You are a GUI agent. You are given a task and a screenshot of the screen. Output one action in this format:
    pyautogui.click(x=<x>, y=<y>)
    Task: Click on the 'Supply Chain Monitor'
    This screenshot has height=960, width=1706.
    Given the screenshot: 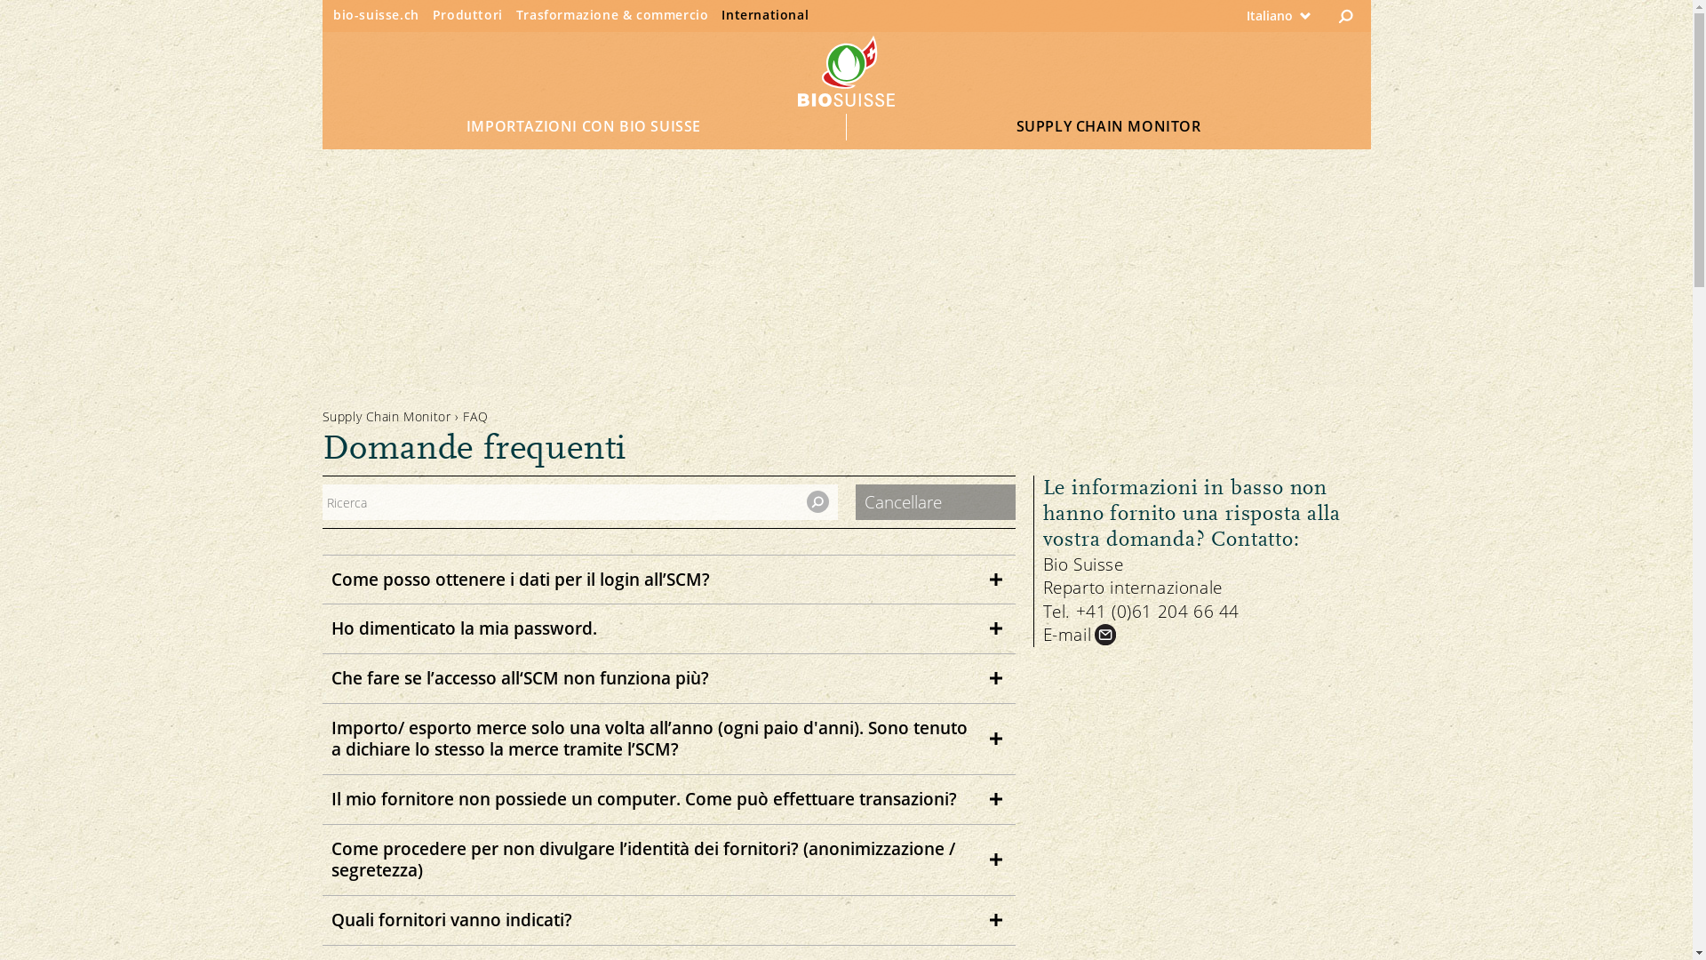 What is the action you would take?
    pyautogui.click(x=385, y=416)
    